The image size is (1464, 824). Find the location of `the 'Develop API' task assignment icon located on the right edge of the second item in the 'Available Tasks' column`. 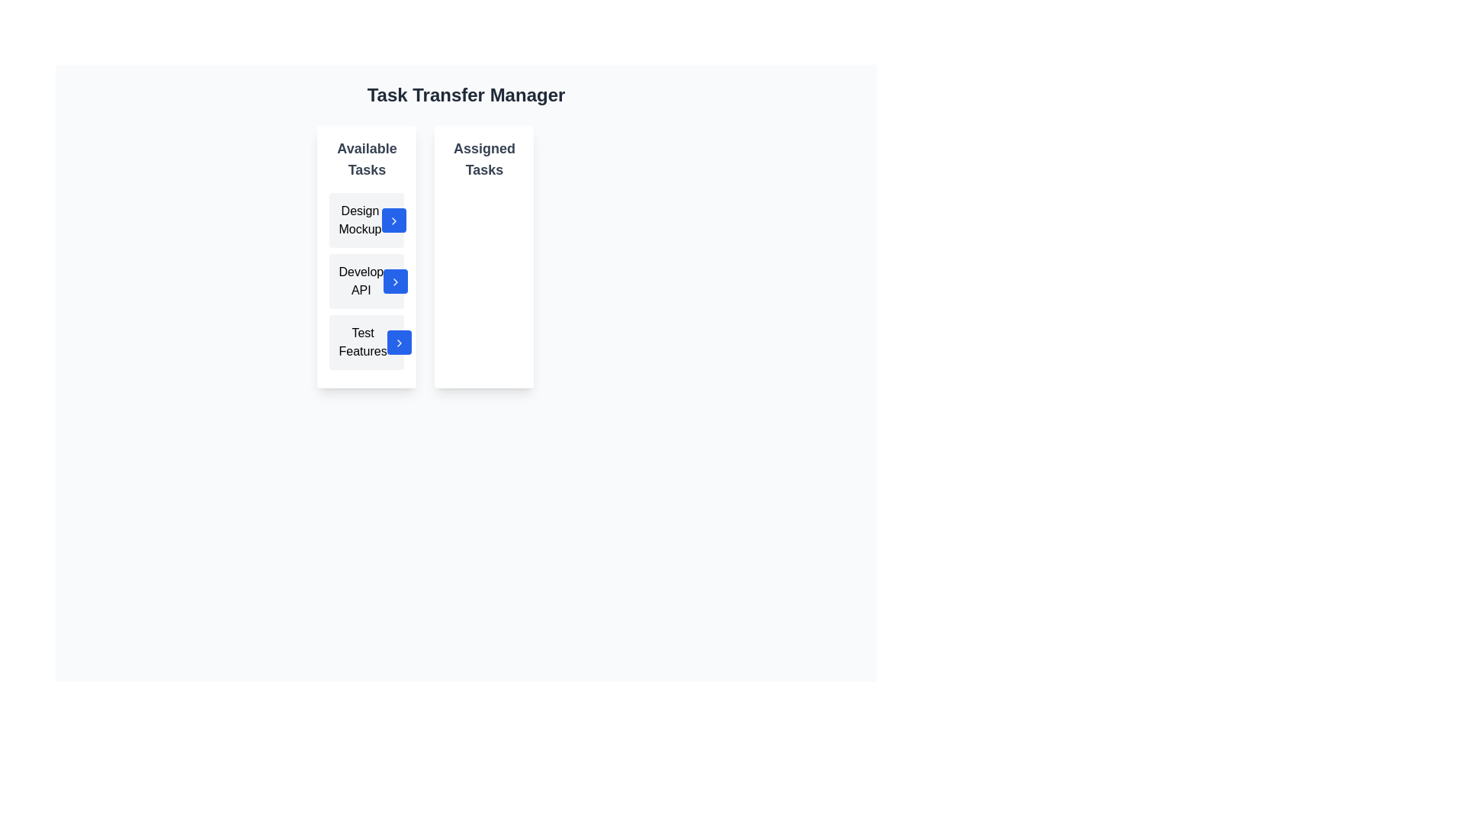

the 'Develop API' task assignment icon located on the right edge of the second item in the 'Available Tasks' column is located at coordinates (396, 282).